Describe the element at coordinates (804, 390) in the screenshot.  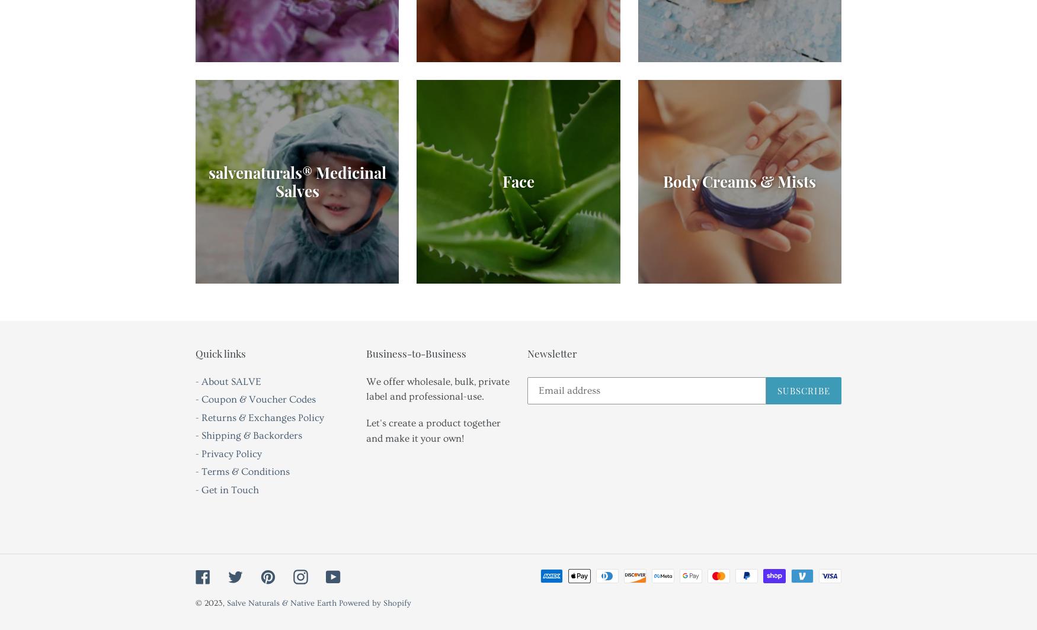
I see `'Subscribe'` at that location.